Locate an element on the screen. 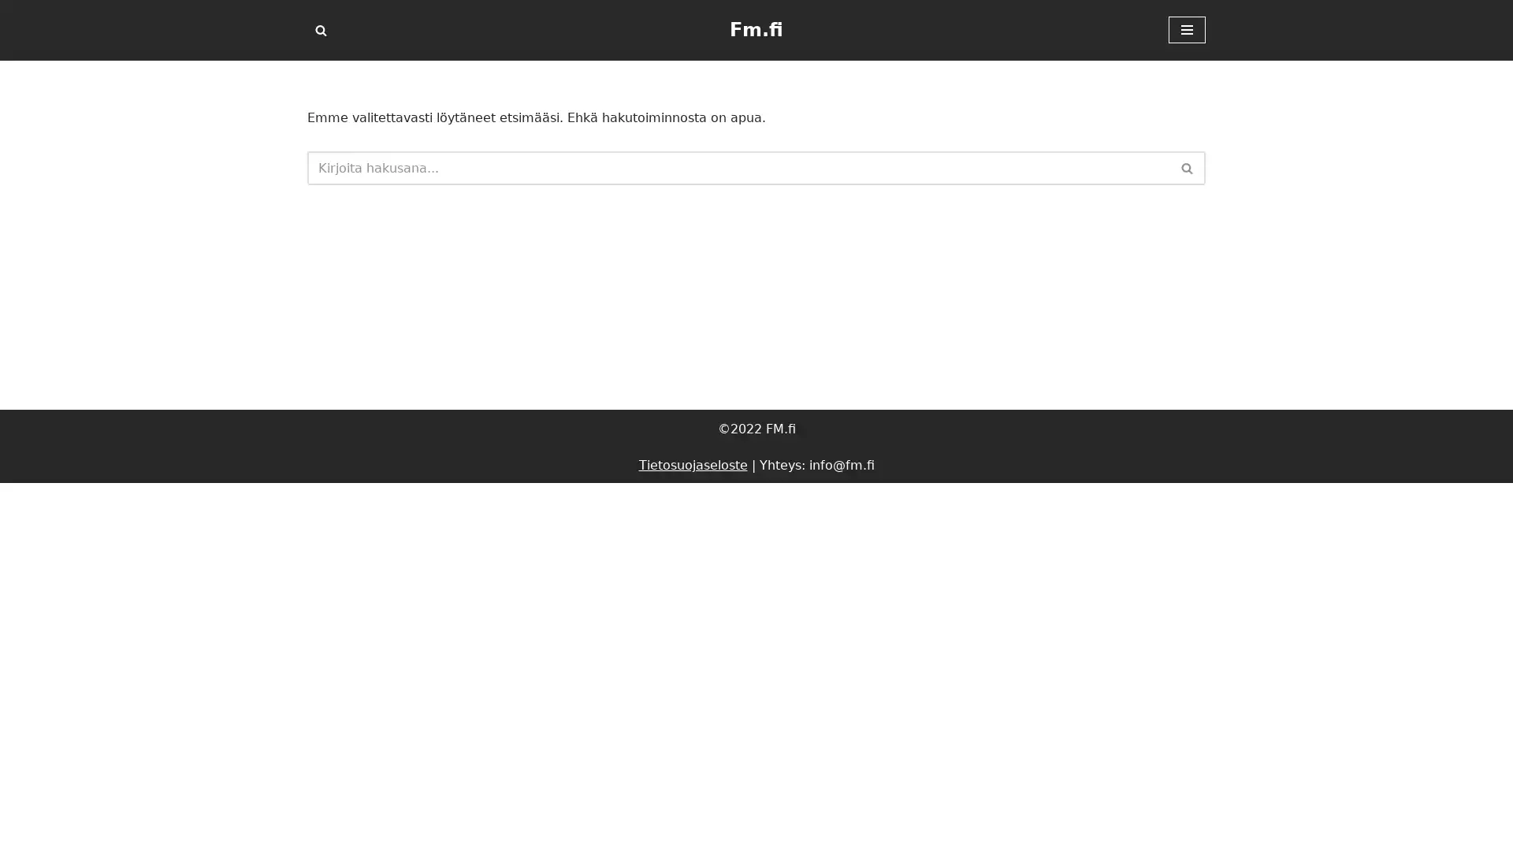 Image resolution: width=1513 pixels, height=851 pixels. Etsi is located at coordinates (320, 29).